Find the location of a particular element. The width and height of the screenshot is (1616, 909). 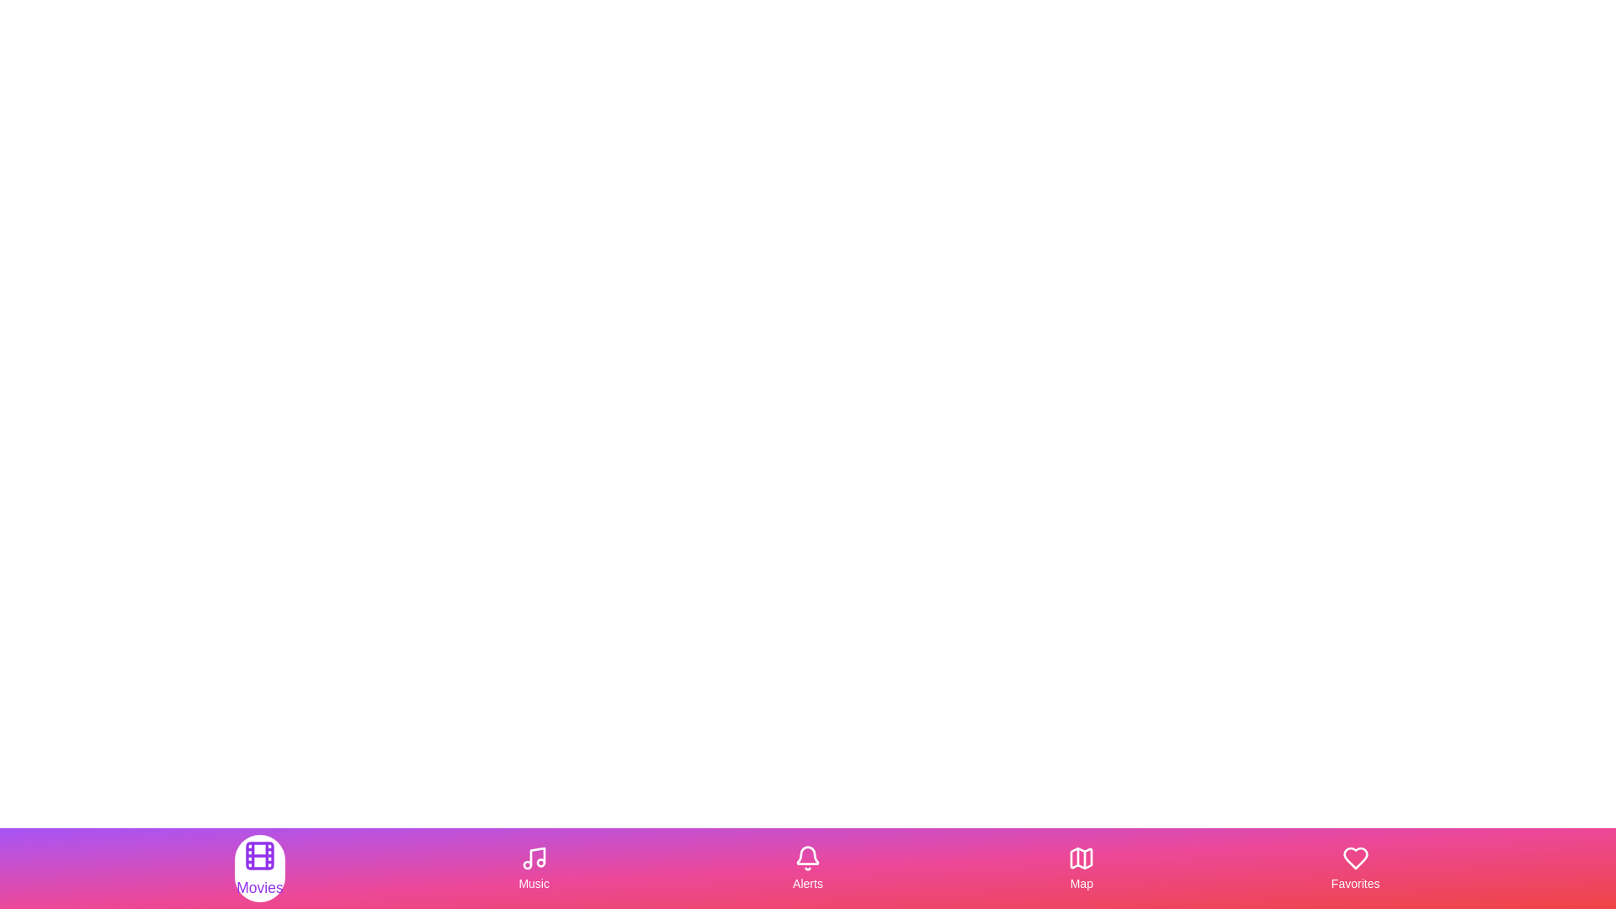

the tab labeled Movies is located at coordinates (258, 869).